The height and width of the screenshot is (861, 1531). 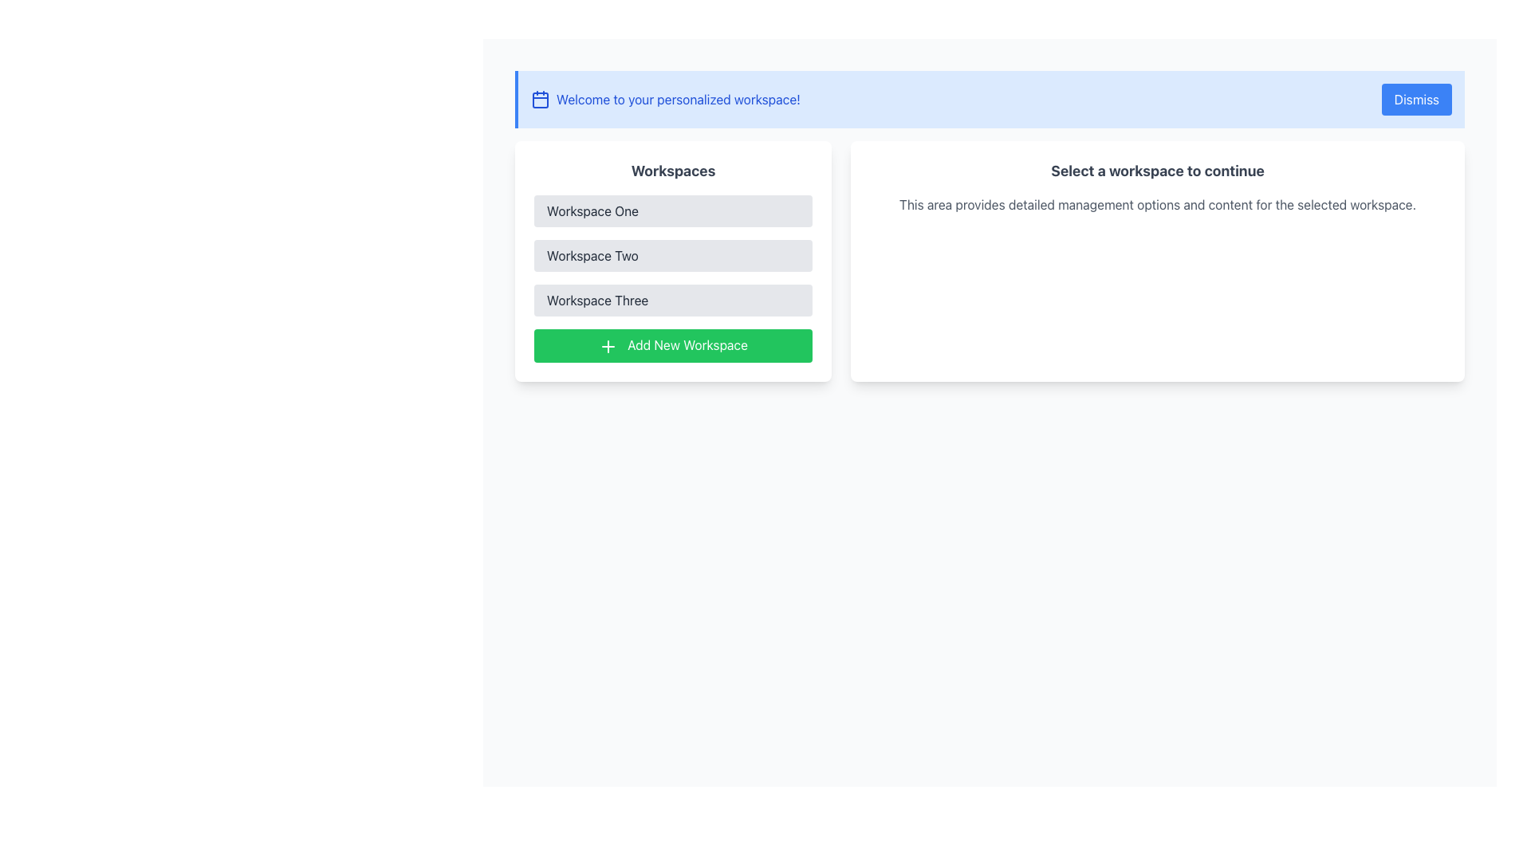 I want to click on explanatory static text located beneath the title 'Select a workspace to continue' in the right-side panel of the interface, so click(x=1157, y=204).